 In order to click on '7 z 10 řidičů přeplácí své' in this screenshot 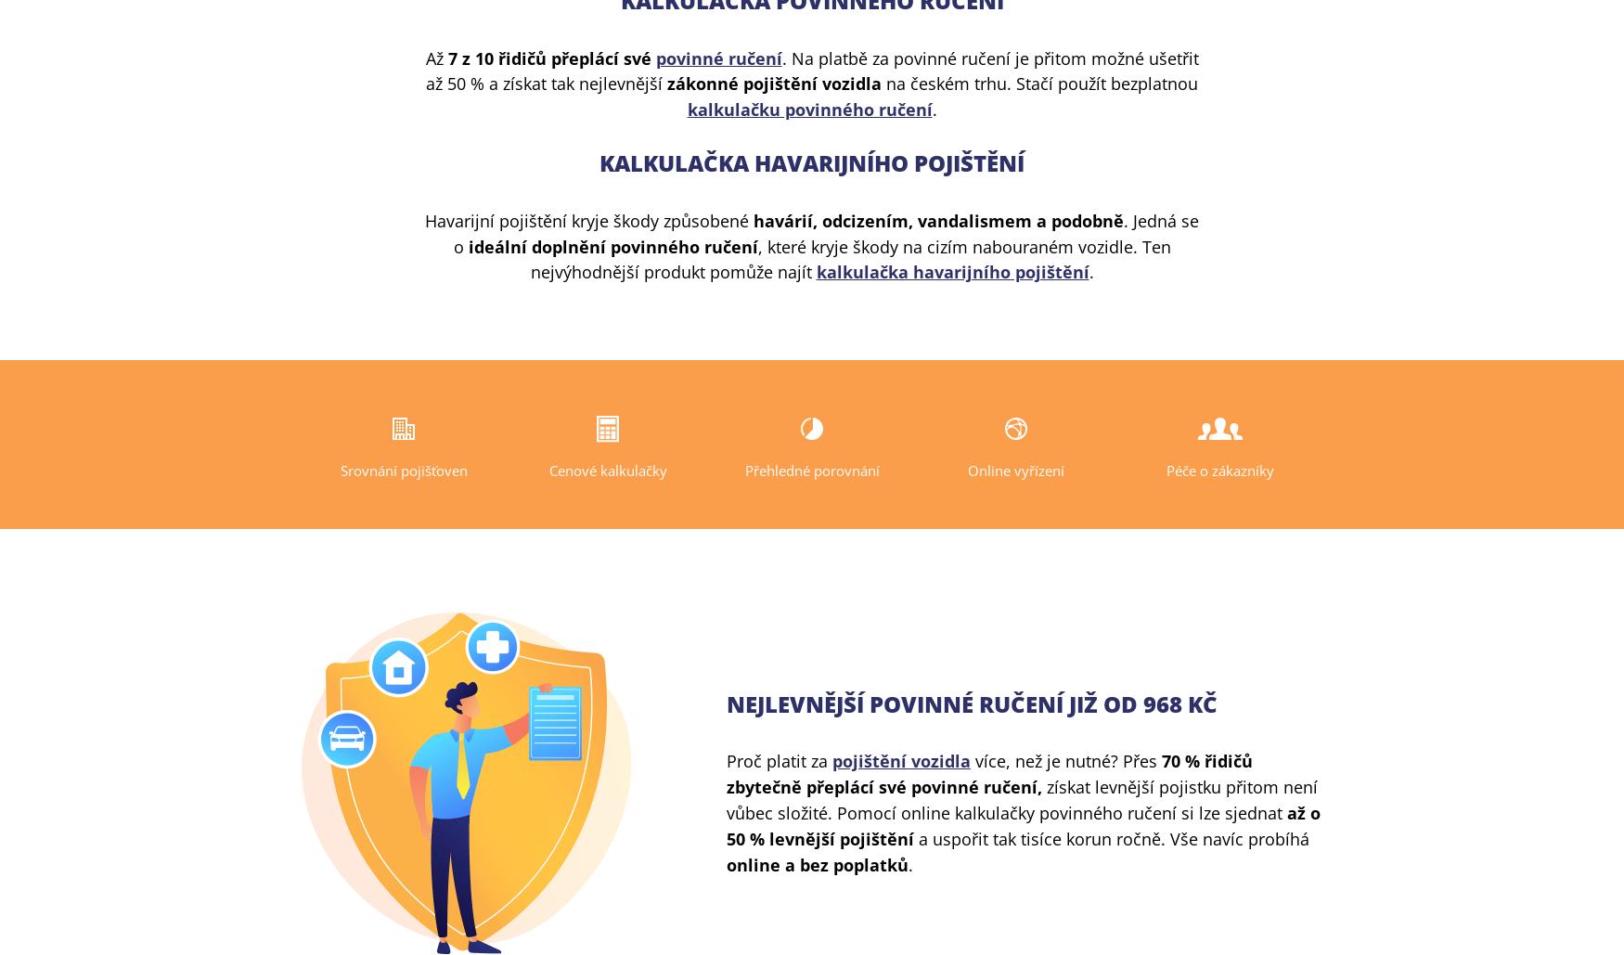, I will do `click(550, 58)`.